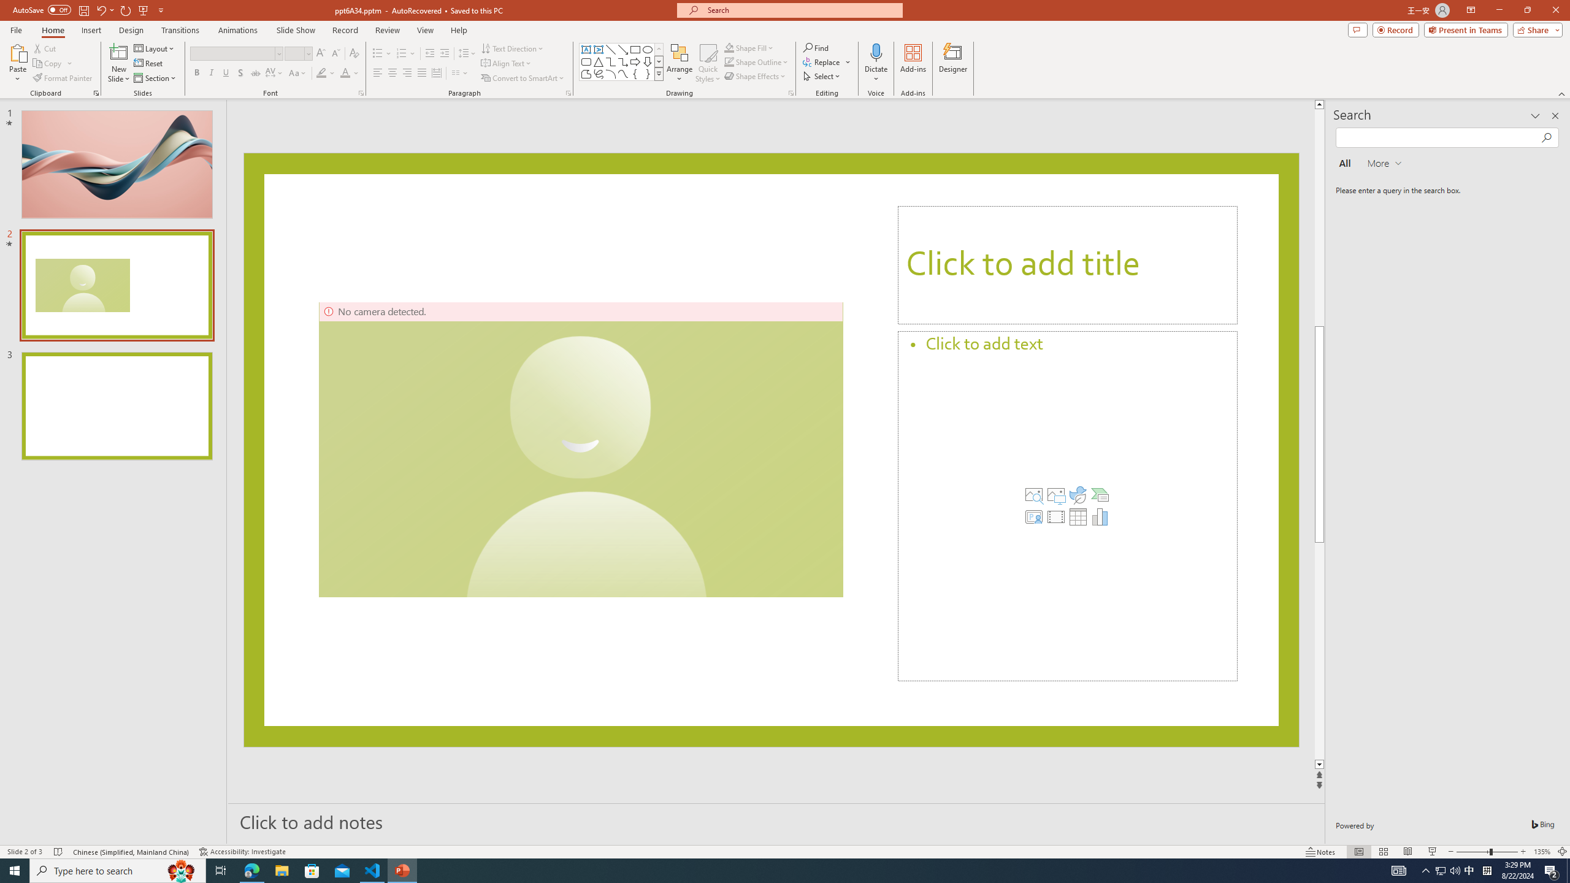  What do you see at coordinates (507, 63) in the screenshot?
I see `'Align Text'` at bounding box center [507, 63].